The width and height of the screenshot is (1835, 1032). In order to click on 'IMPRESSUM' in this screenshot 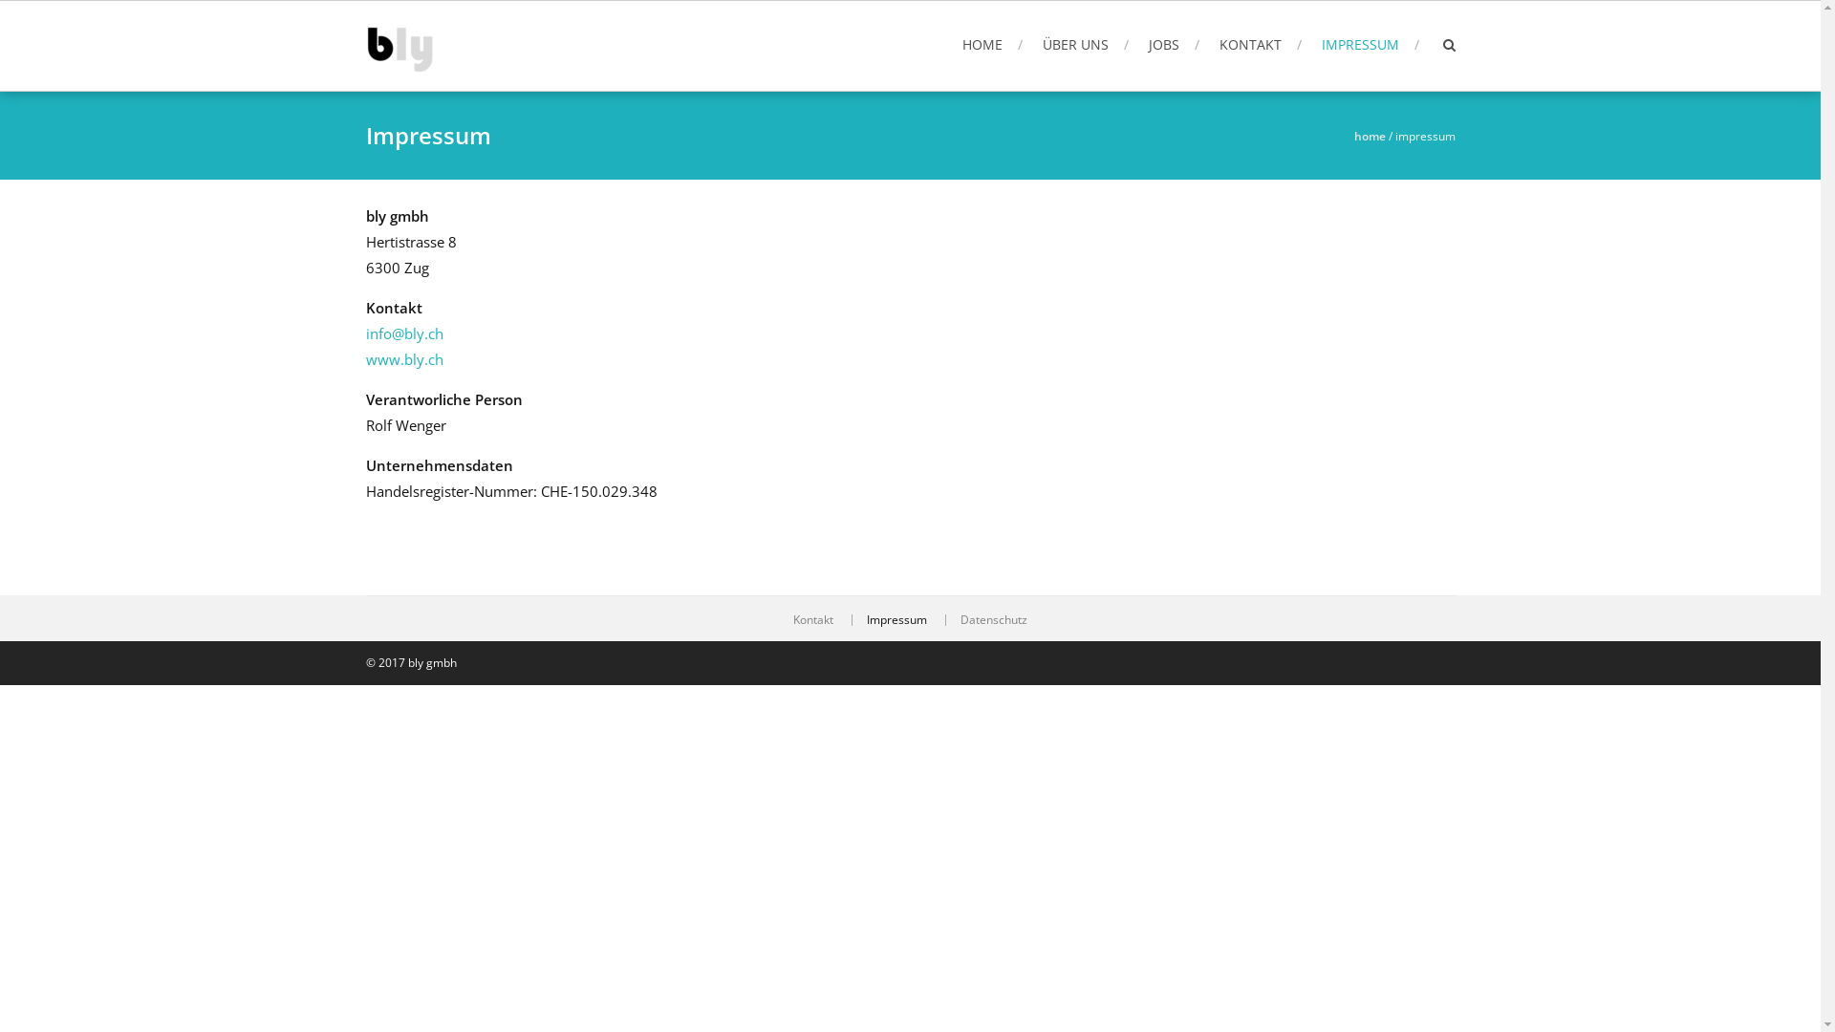, I will do `click(1320, 43)`.